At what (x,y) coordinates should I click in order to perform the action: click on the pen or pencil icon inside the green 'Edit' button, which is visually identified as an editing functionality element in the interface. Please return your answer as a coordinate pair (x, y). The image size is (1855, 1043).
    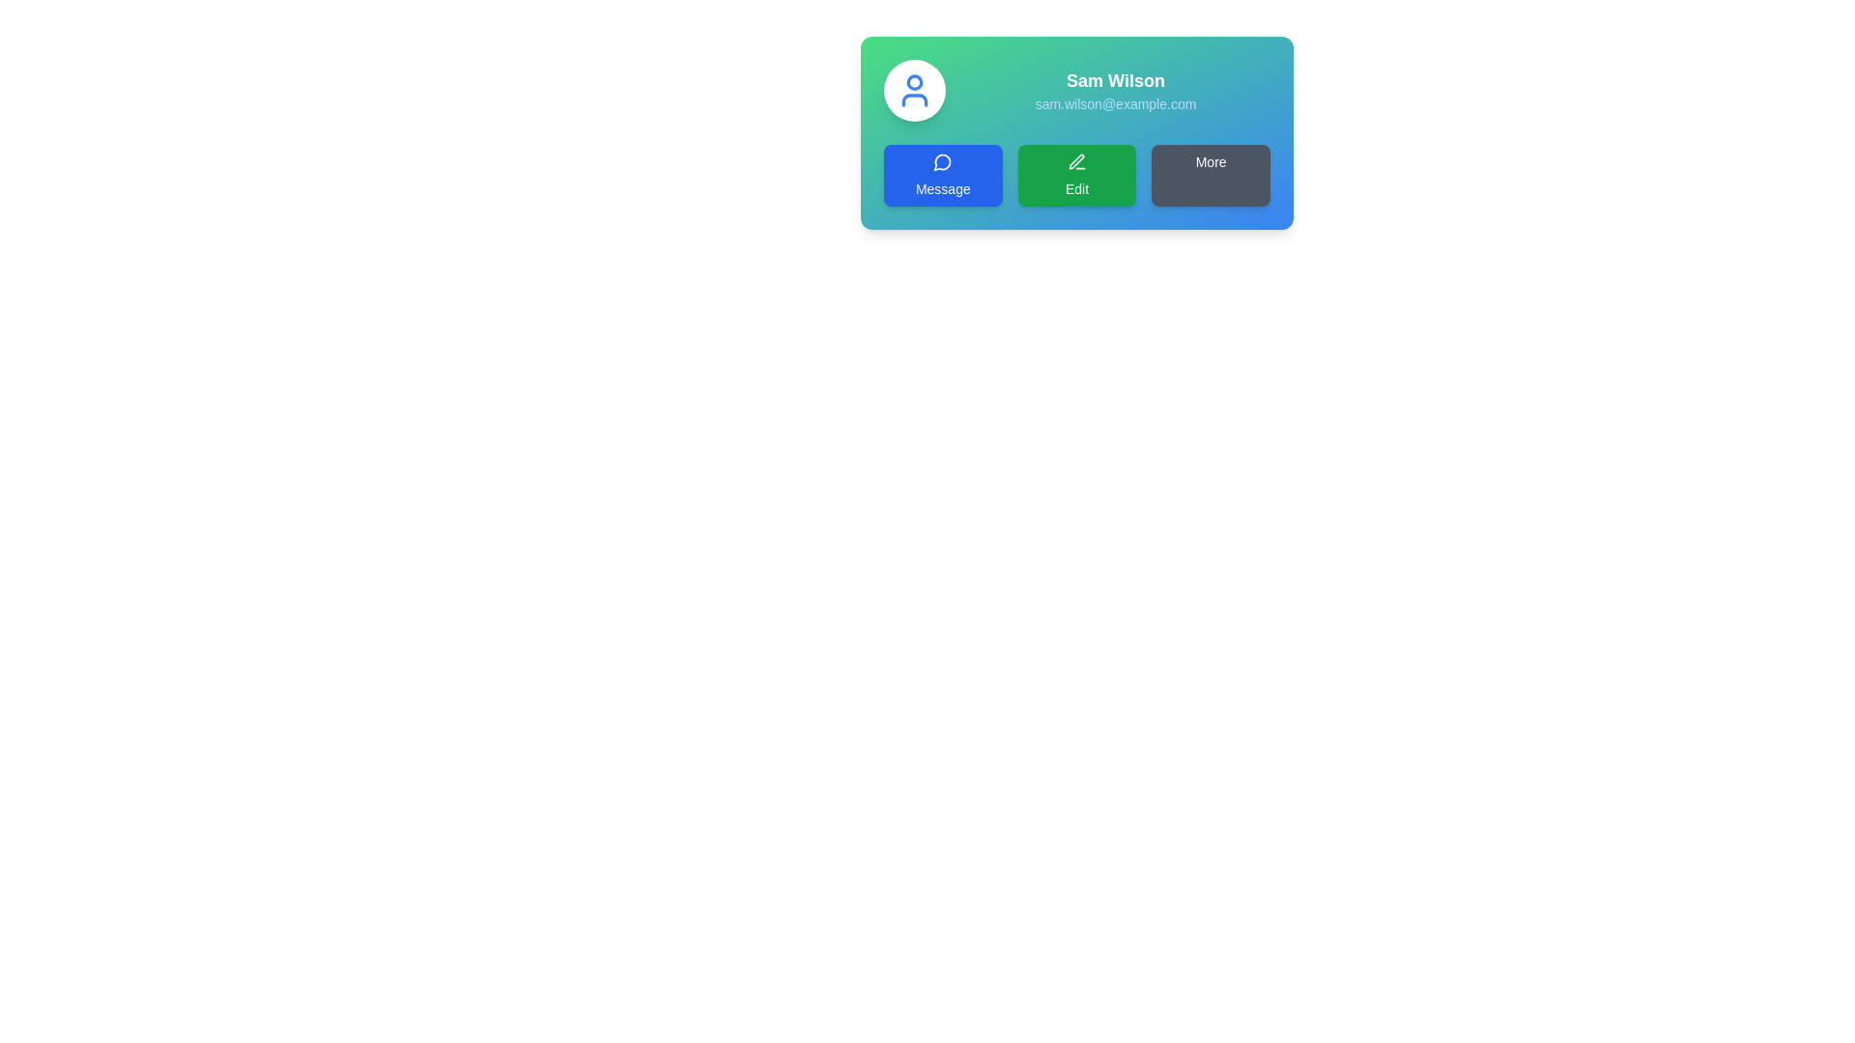
    Looking at the image, I should click on (1075, 160).